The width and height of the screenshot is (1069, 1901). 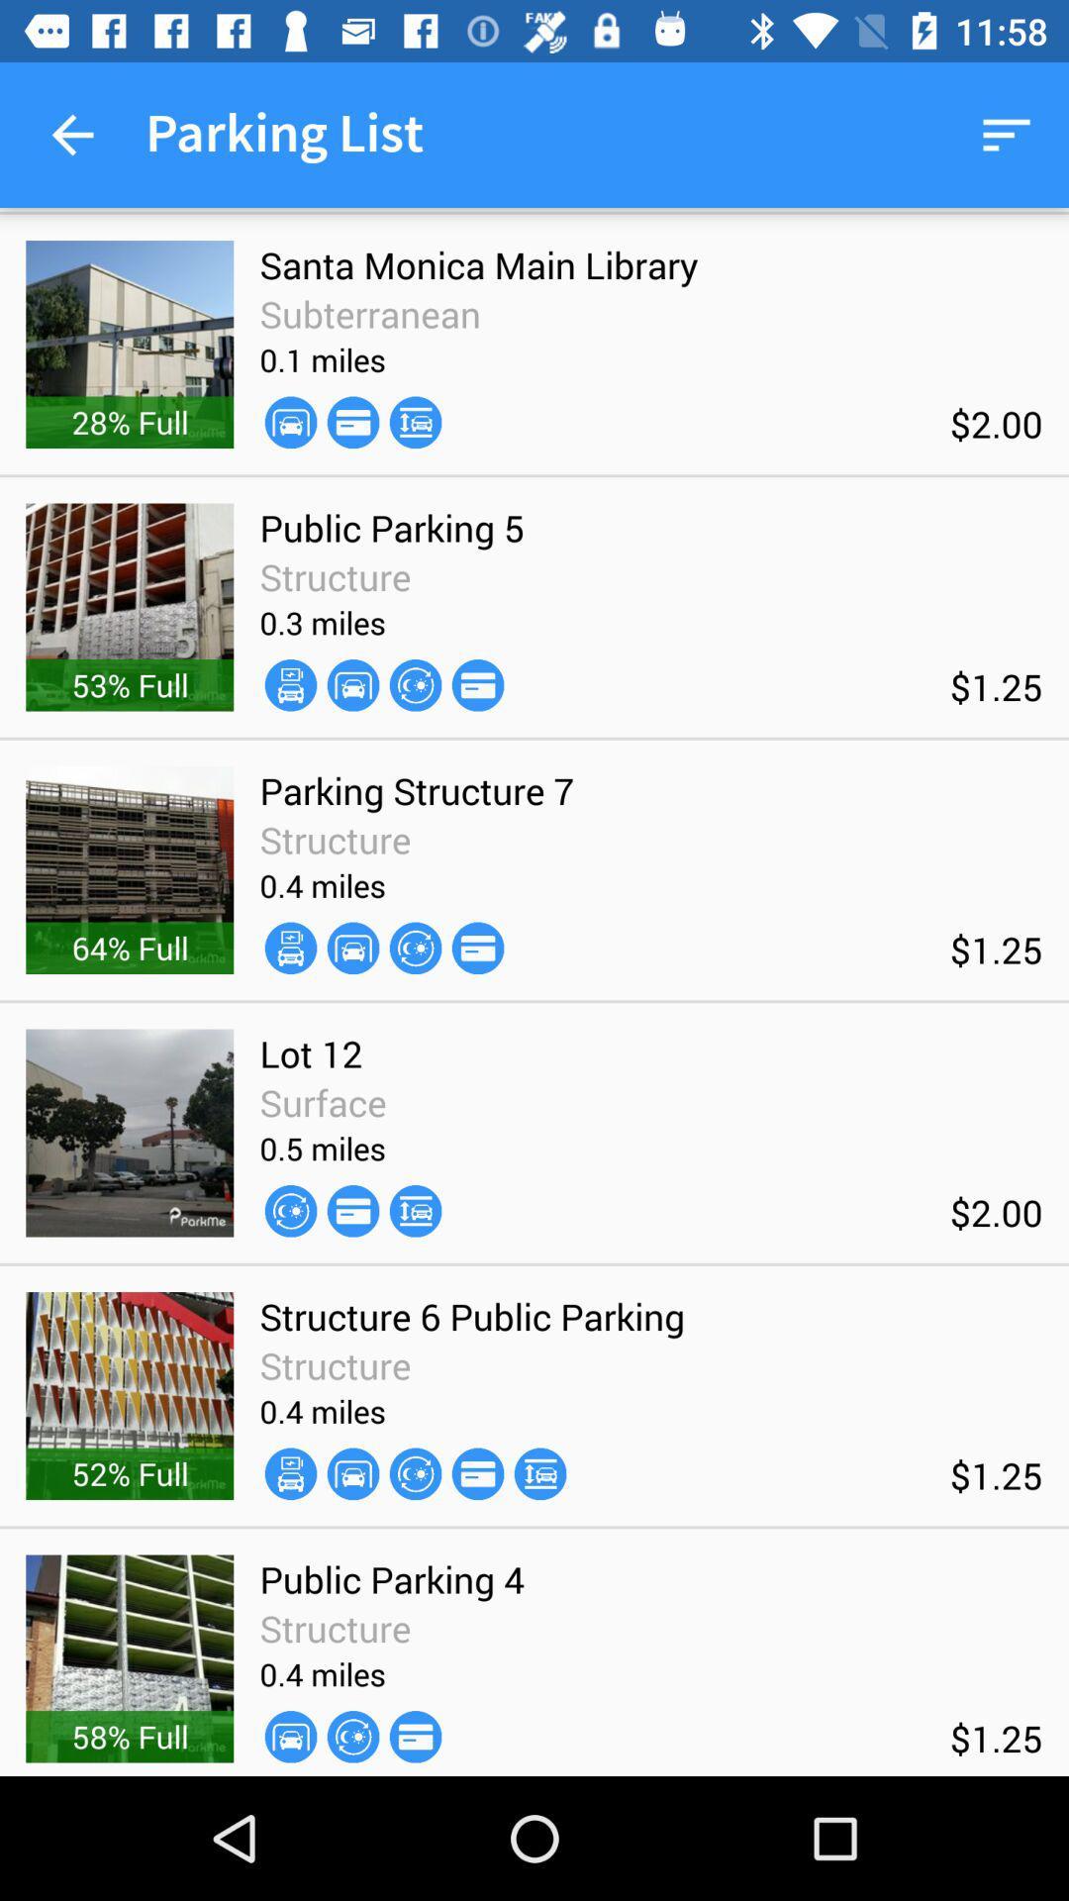 What do you see at coordinates (290, 685) in the screenshot?
I see `the item below 0.3 miles` at bounding box center [290, 685].